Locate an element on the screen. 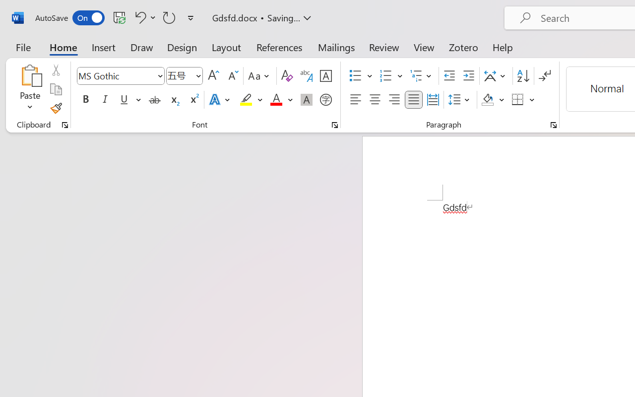  'Shading' is located at coordinates (493, 100).